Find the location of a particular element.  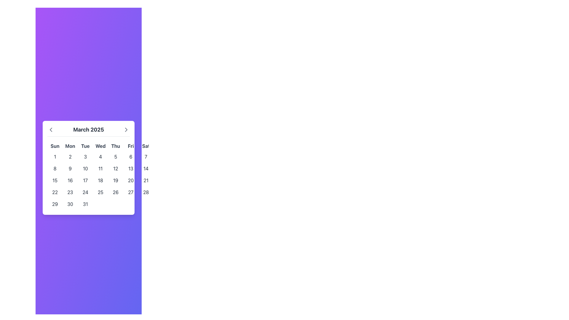

the text label displaying 'Wed' in bold, which is the fourth item in the sequence of days of the week in the calendar header is located at coordinates (100, 146).